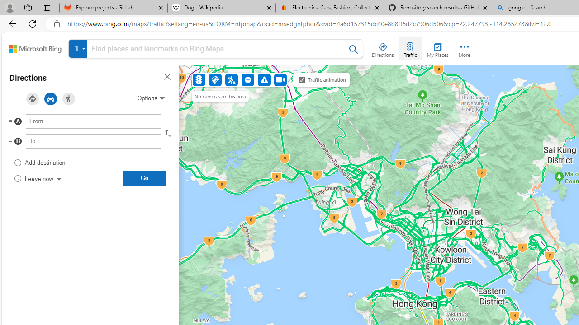  Describe the element at coordinates (218, 49) in the screenshot. I see `'Add a search'` at that location.